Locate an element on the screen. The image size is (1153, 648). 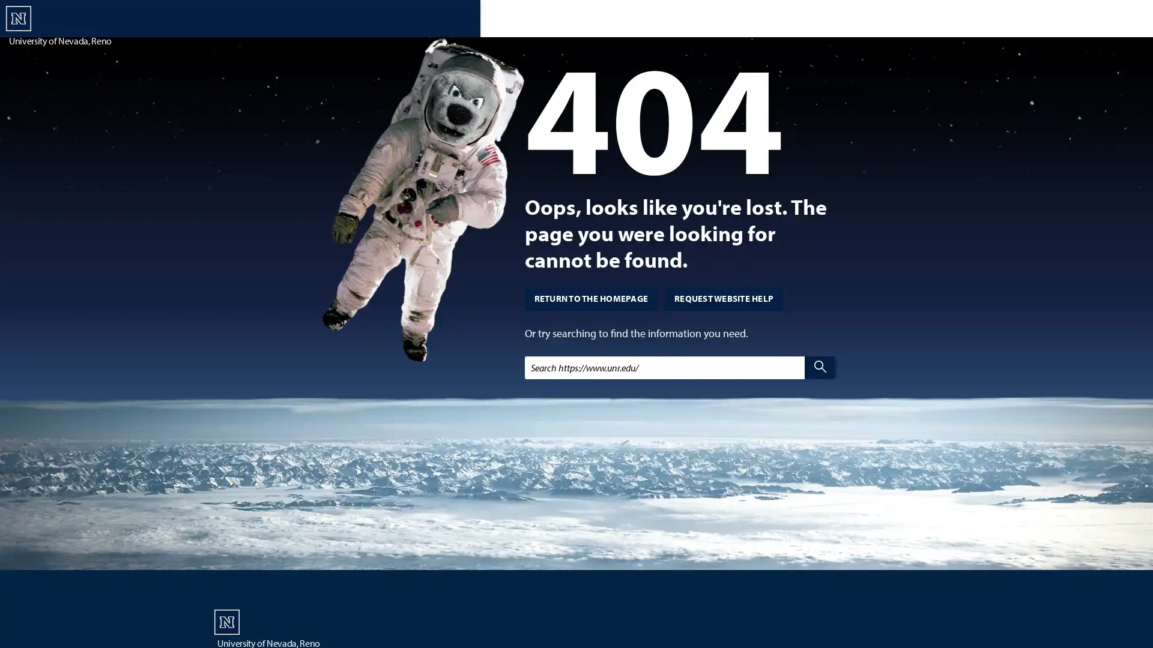
search is located at coordinates (820, 367).